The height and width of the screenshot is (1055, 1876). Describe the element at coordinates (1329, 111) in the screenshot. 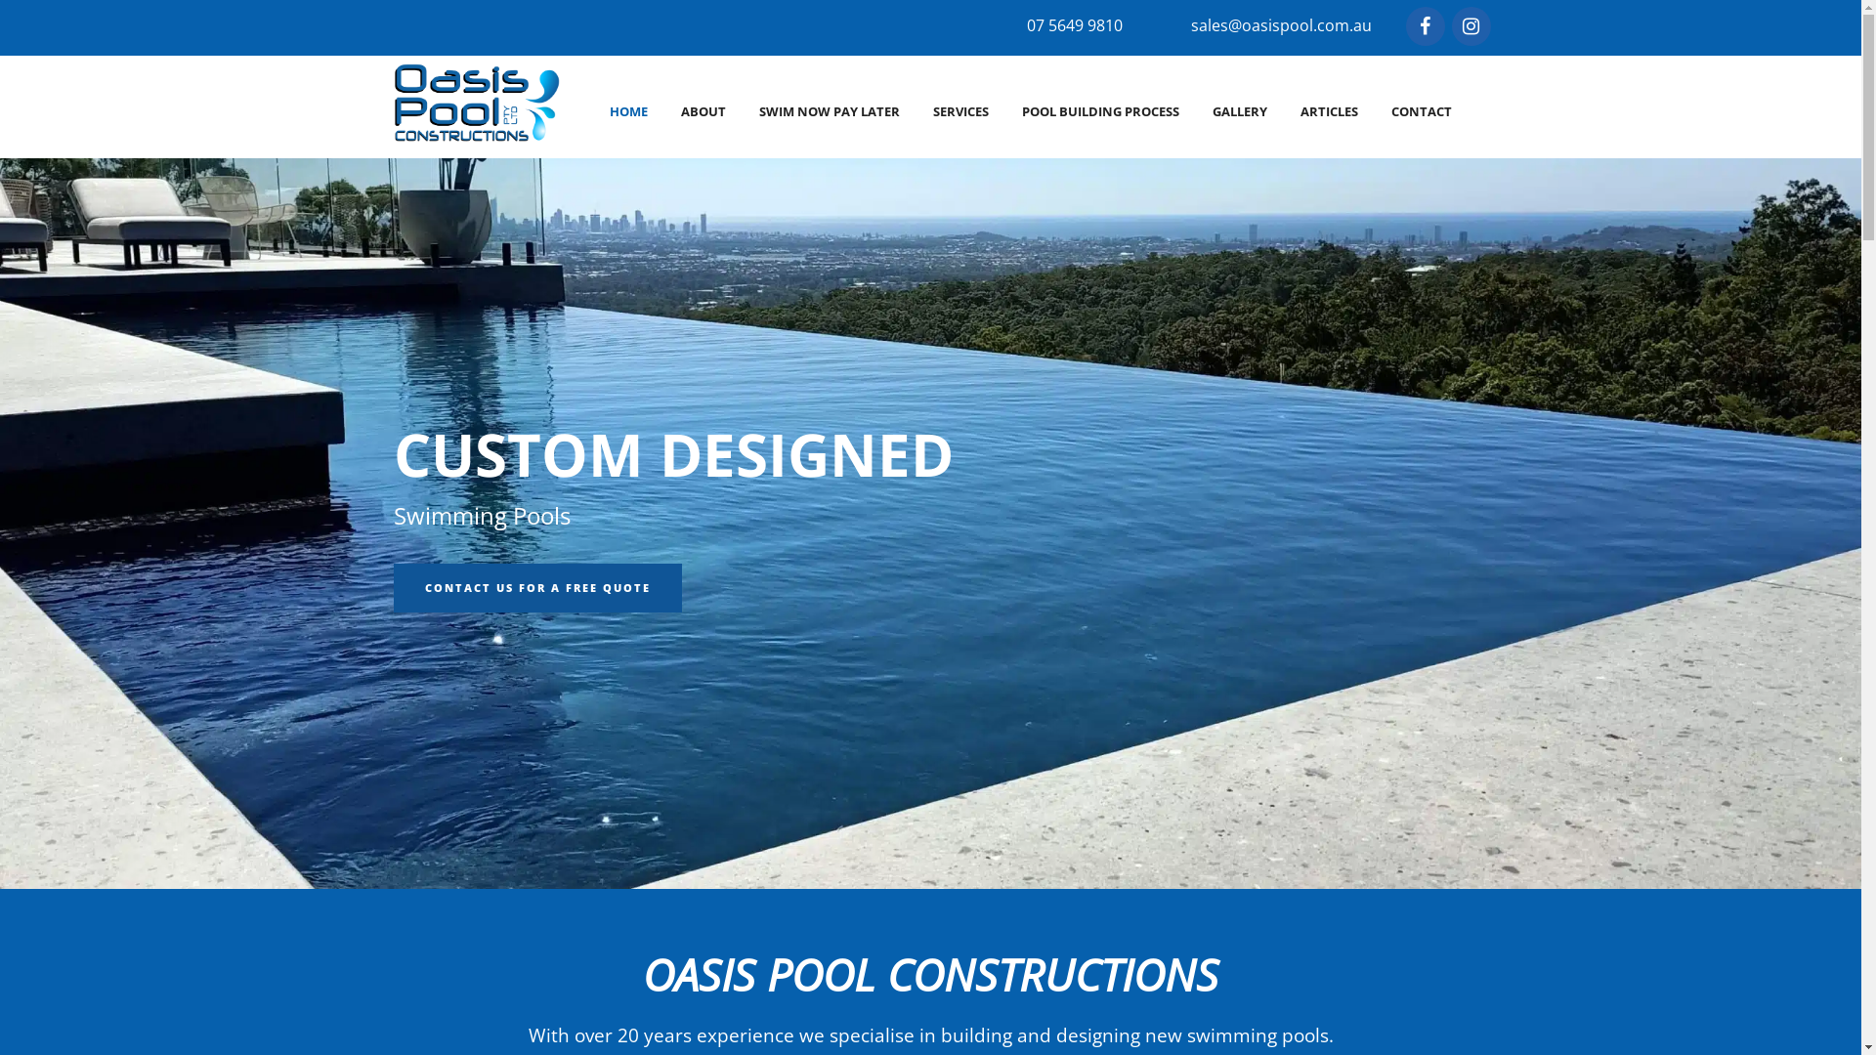

I see `'ARTICLES'` at that location.